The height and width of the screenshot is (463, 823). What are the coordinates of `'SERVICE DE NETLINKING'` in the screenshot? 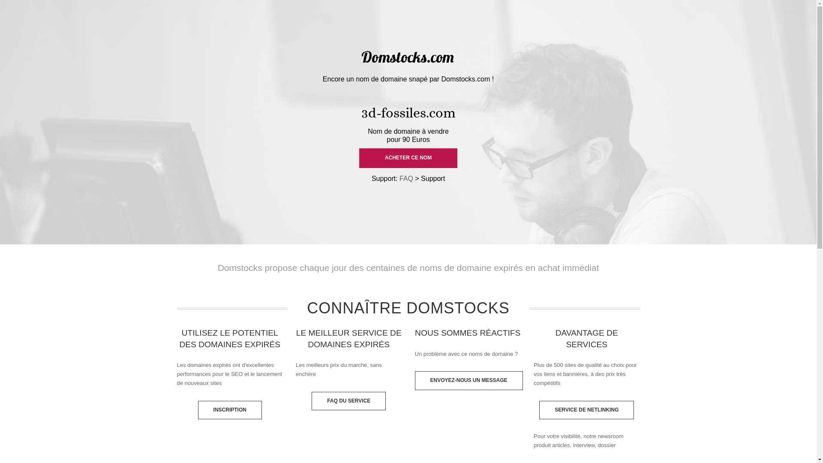 It's located at (586, 409).